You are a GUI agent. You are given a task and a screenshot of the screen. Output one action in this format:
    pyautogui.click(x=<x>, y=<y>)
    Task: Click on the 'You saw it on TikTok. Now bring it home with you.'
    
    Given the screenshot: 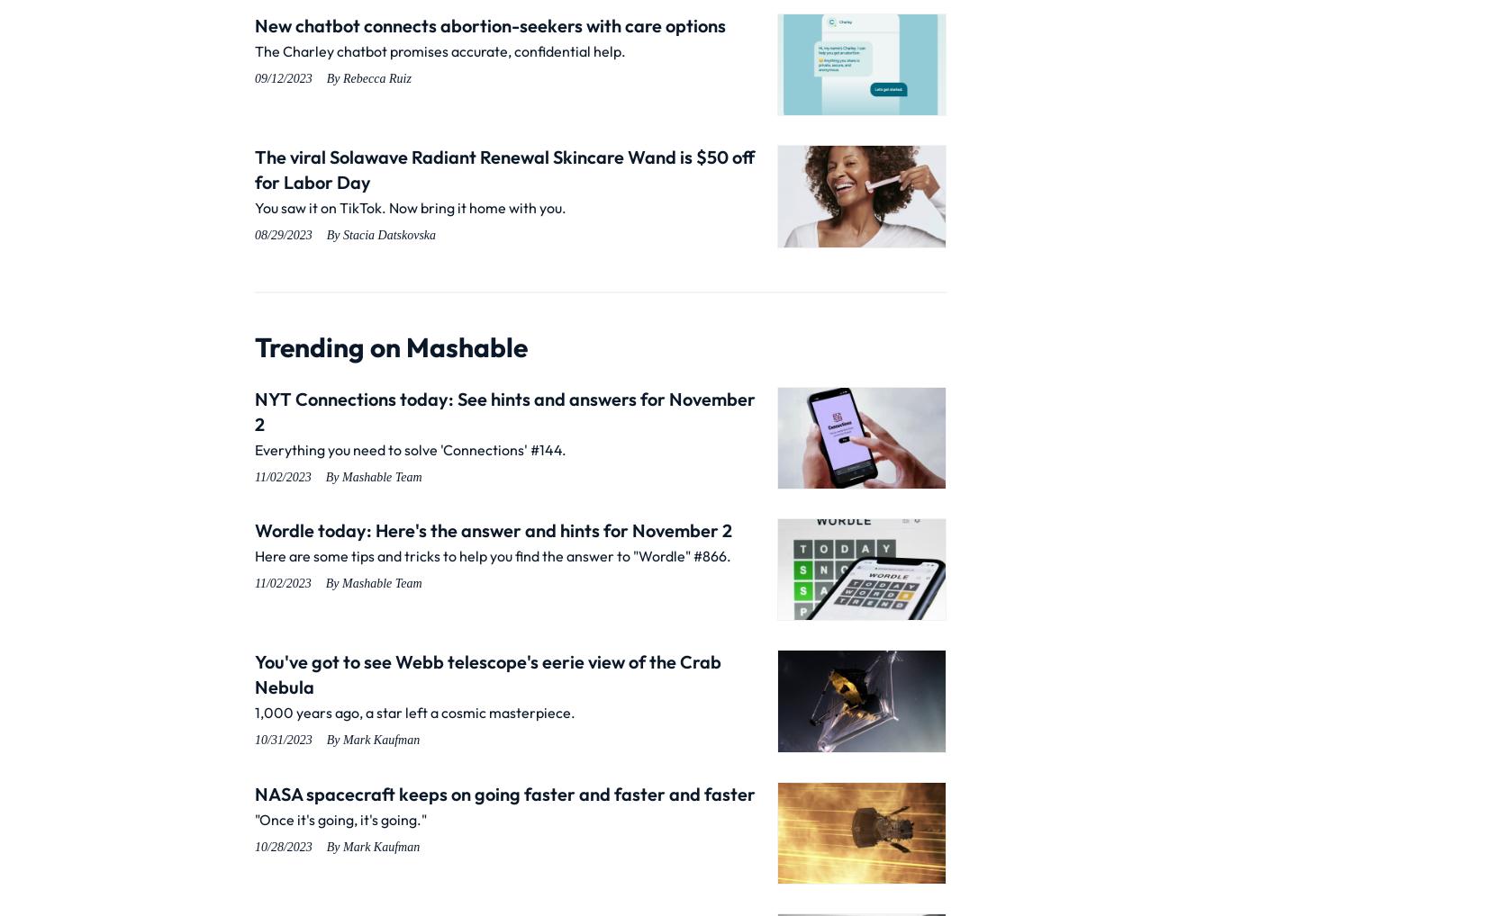 What is the action you would take?
    pyautogui.click(x=254, y=206)
    